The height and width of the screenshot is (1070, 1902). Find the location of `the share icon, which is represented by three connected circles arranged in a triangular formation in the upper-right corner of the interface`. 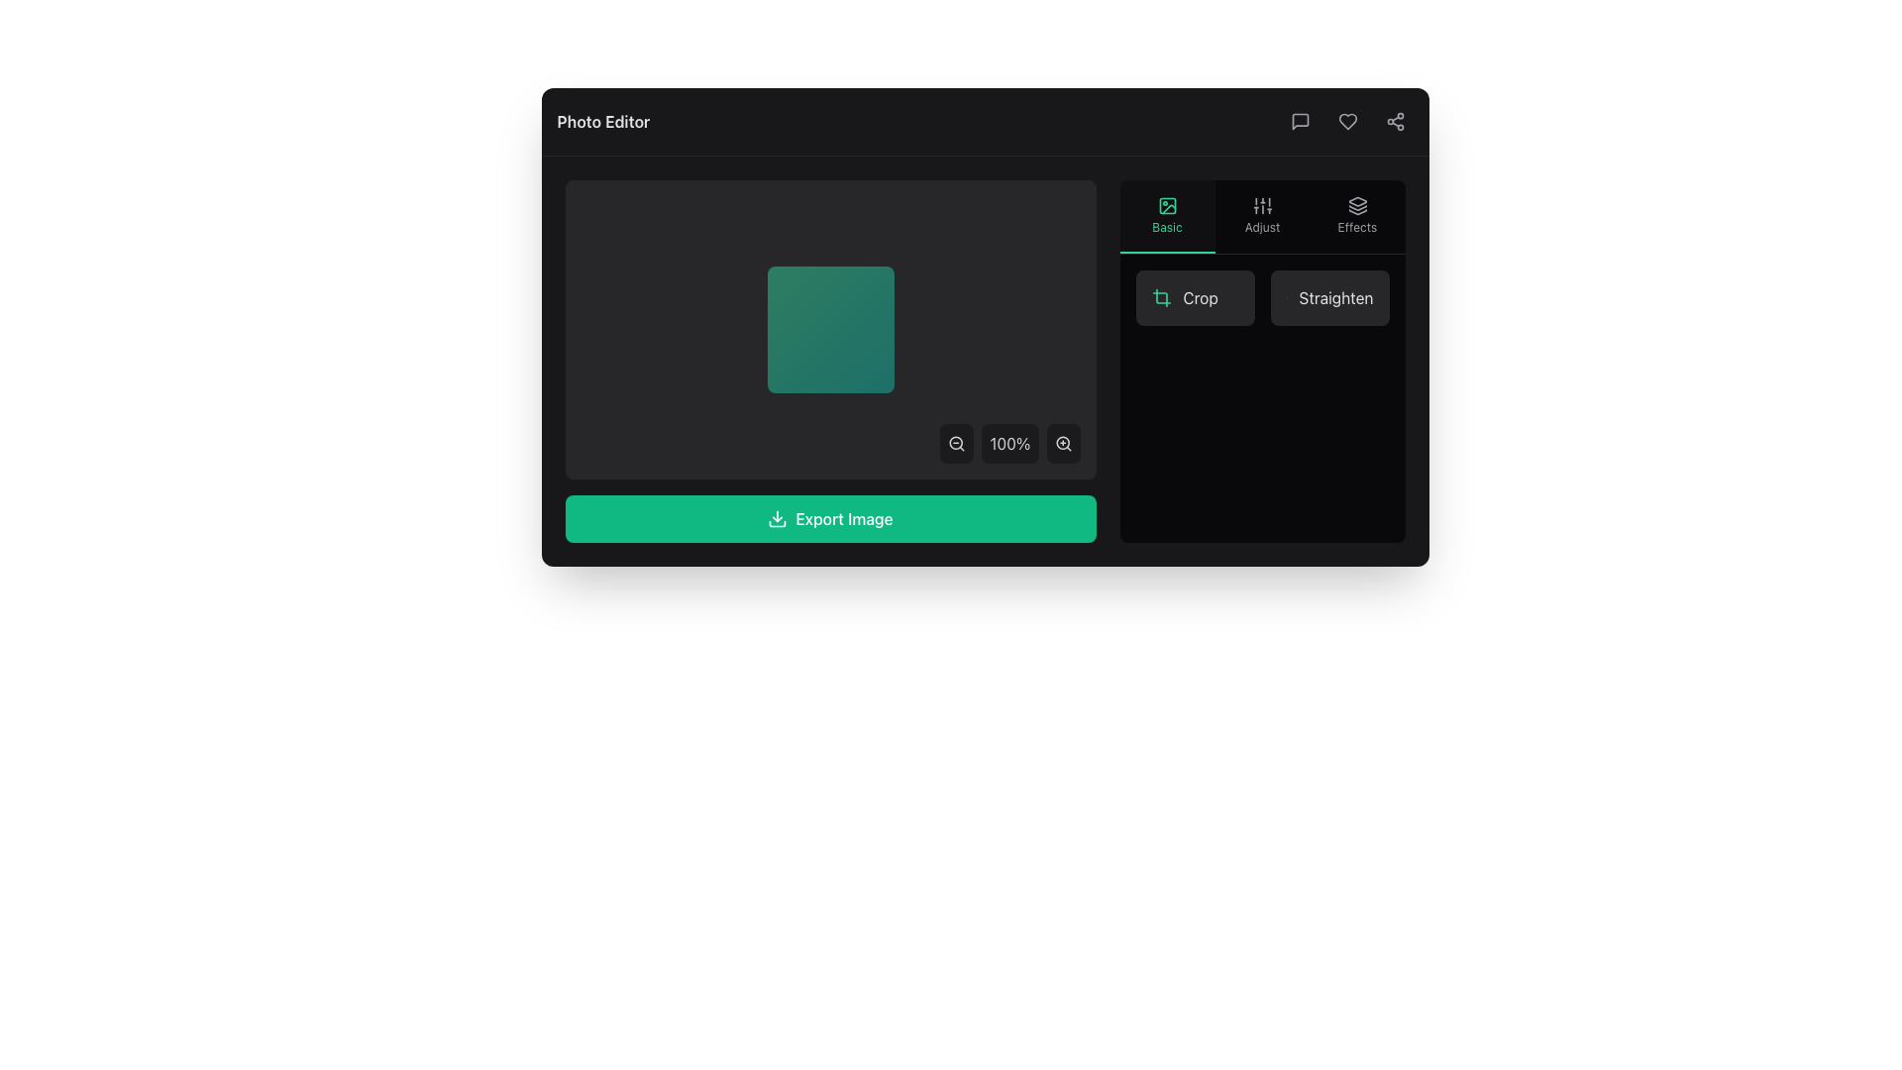

the share icon, which is represented by three connected circles arranged in a triangular formation in the upper-right corner of the interface is located at coordinates (1394, 122).